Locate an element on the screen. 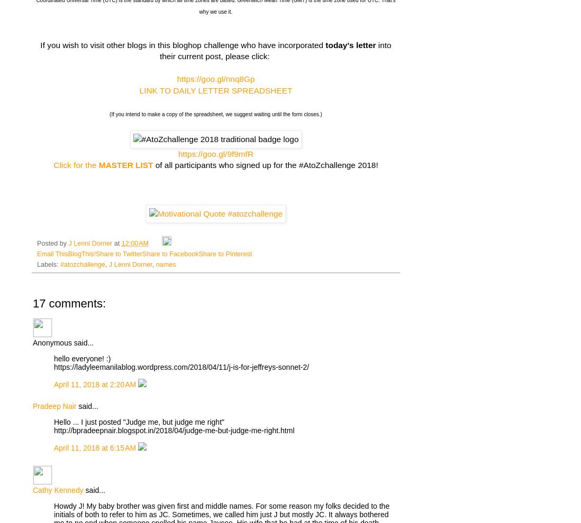 The image size is (581, 523). 'today's letter' is located at coordinates (324, 44).